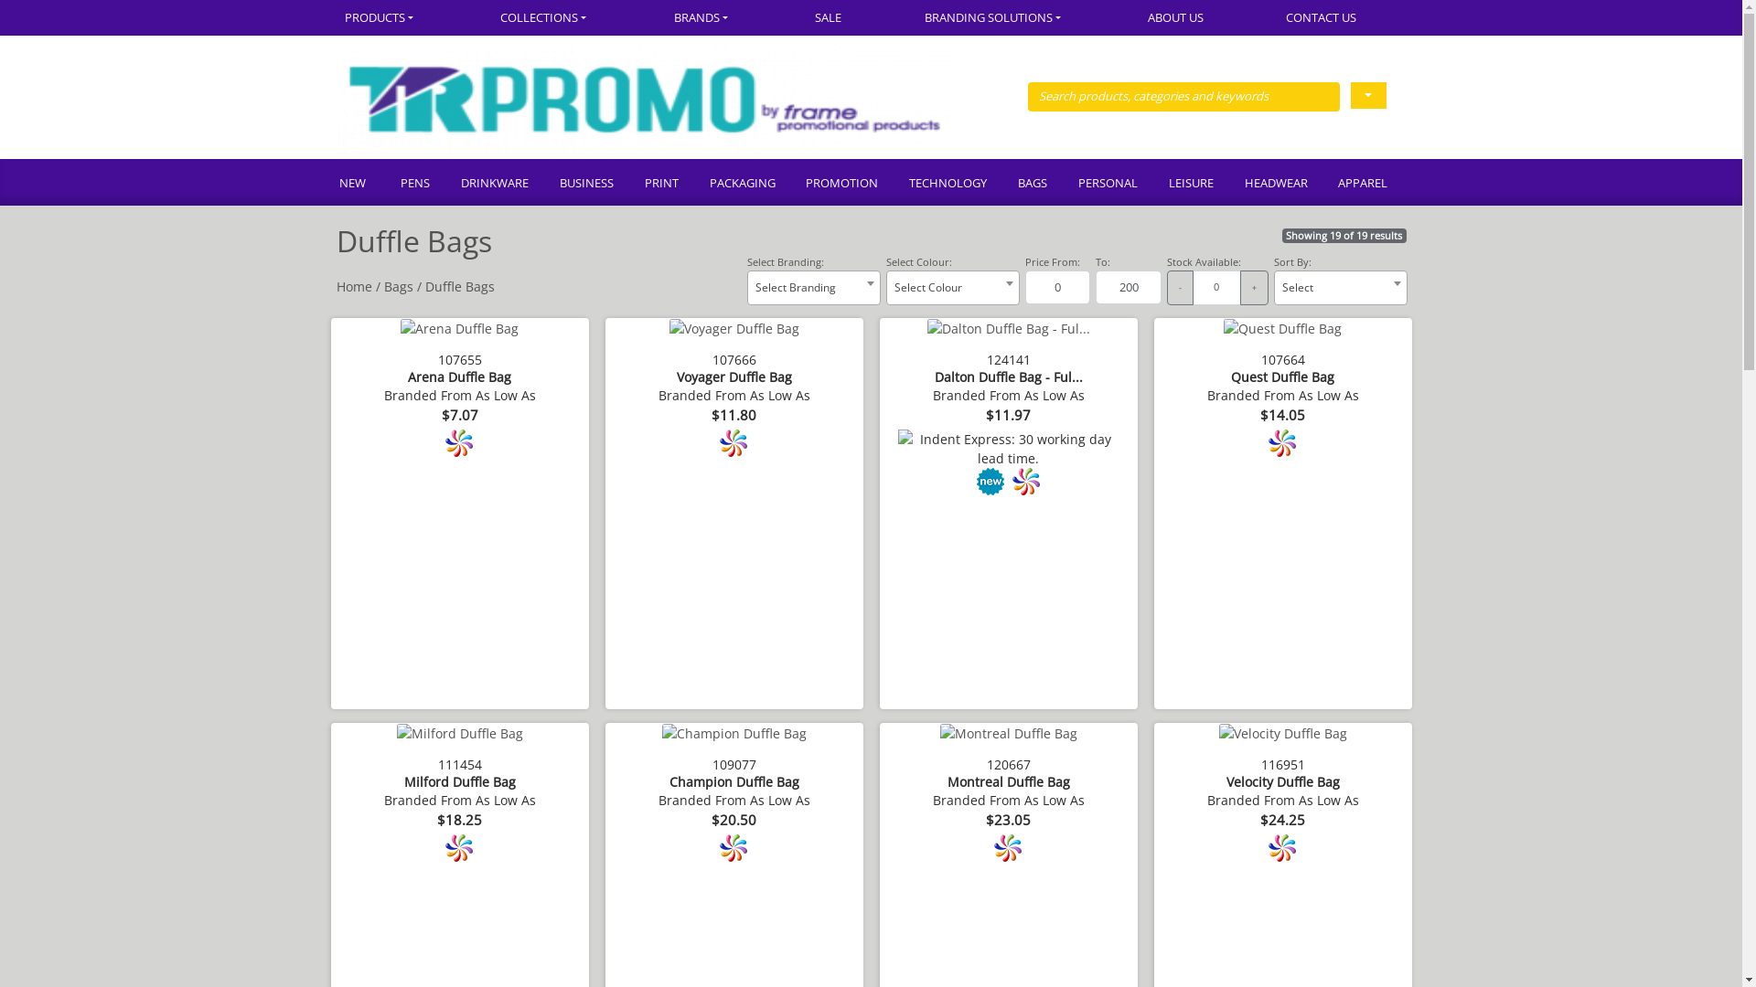  Describe the element at coordinates (360, 184) in the screenshot. I see `'NEW'` at that location.